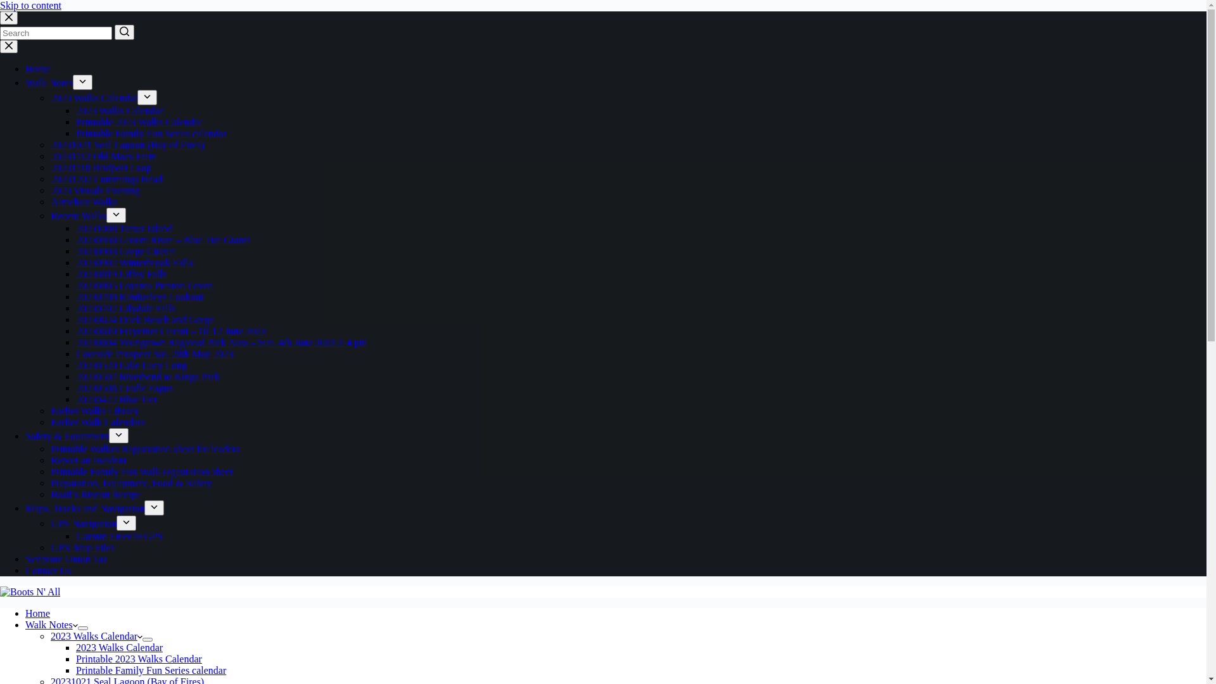 The image size is (1216, 684). Describe the element at coordinates (125, 251) in the screenshot. I see `'20230903 Gorge Circuit'` at that location.